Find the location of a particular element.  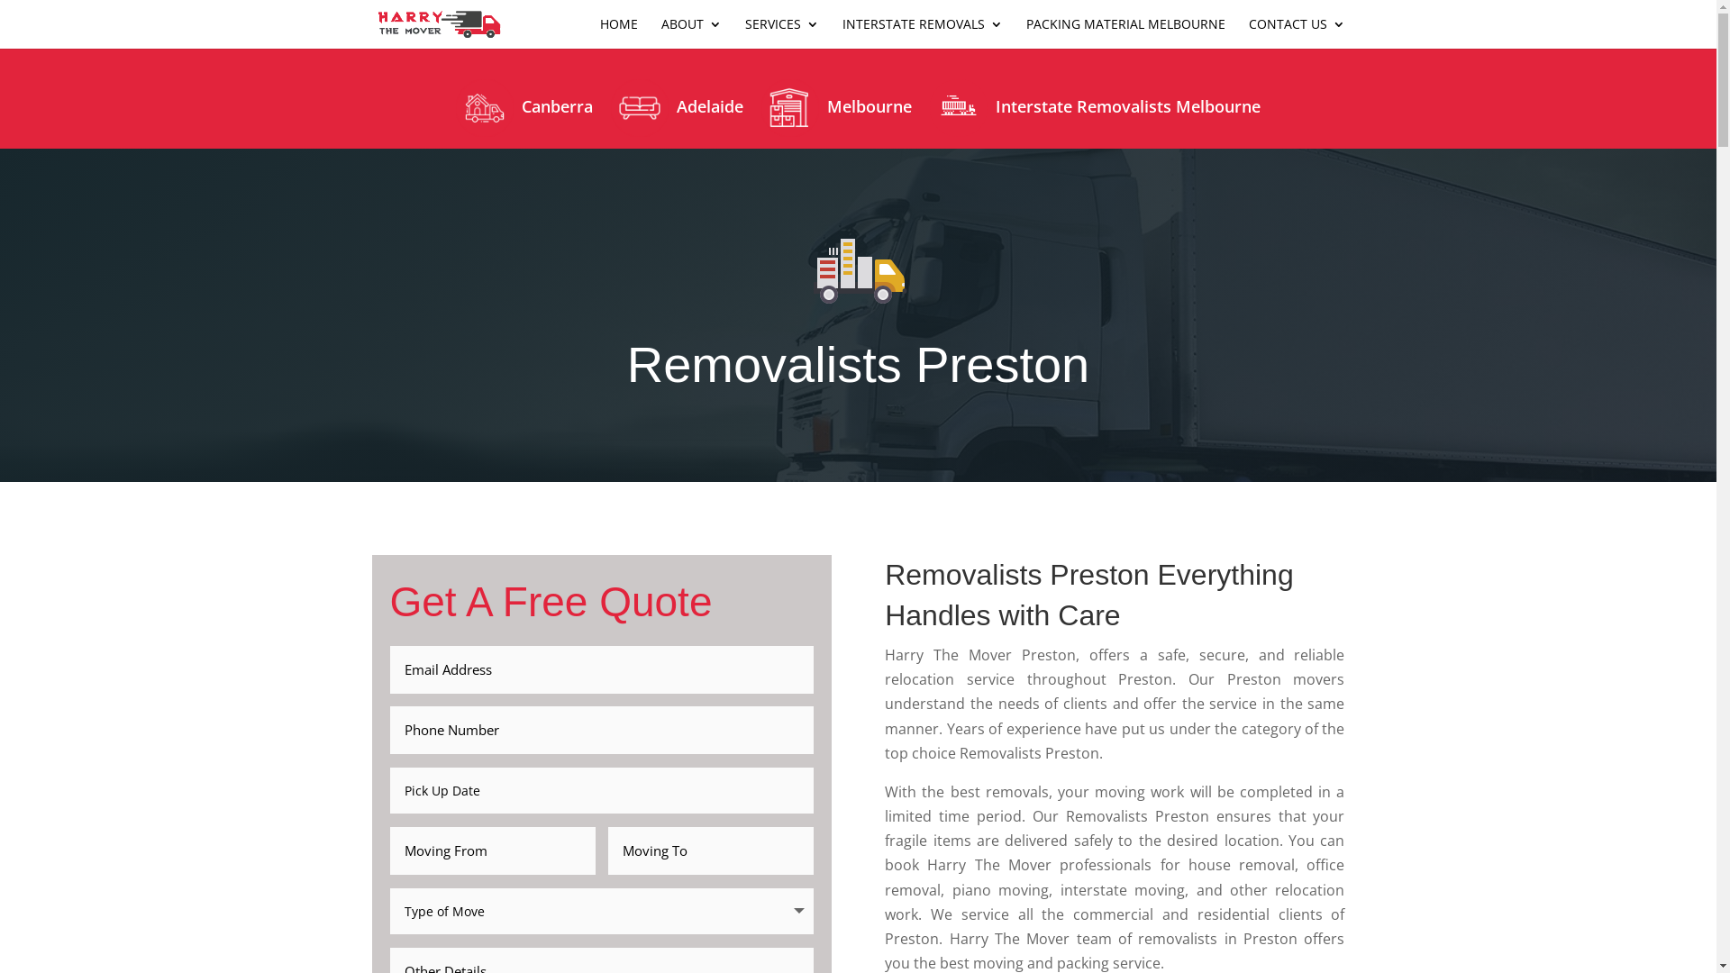

'Adelaide' is located at coordinates (676, 114).